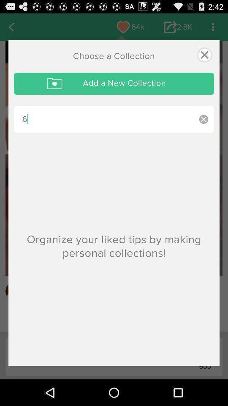 This screenshot has width=228, height=406. Describe the element at coordinates (114, 83) in the screenshot. I see `the icon above the 6` at that location.